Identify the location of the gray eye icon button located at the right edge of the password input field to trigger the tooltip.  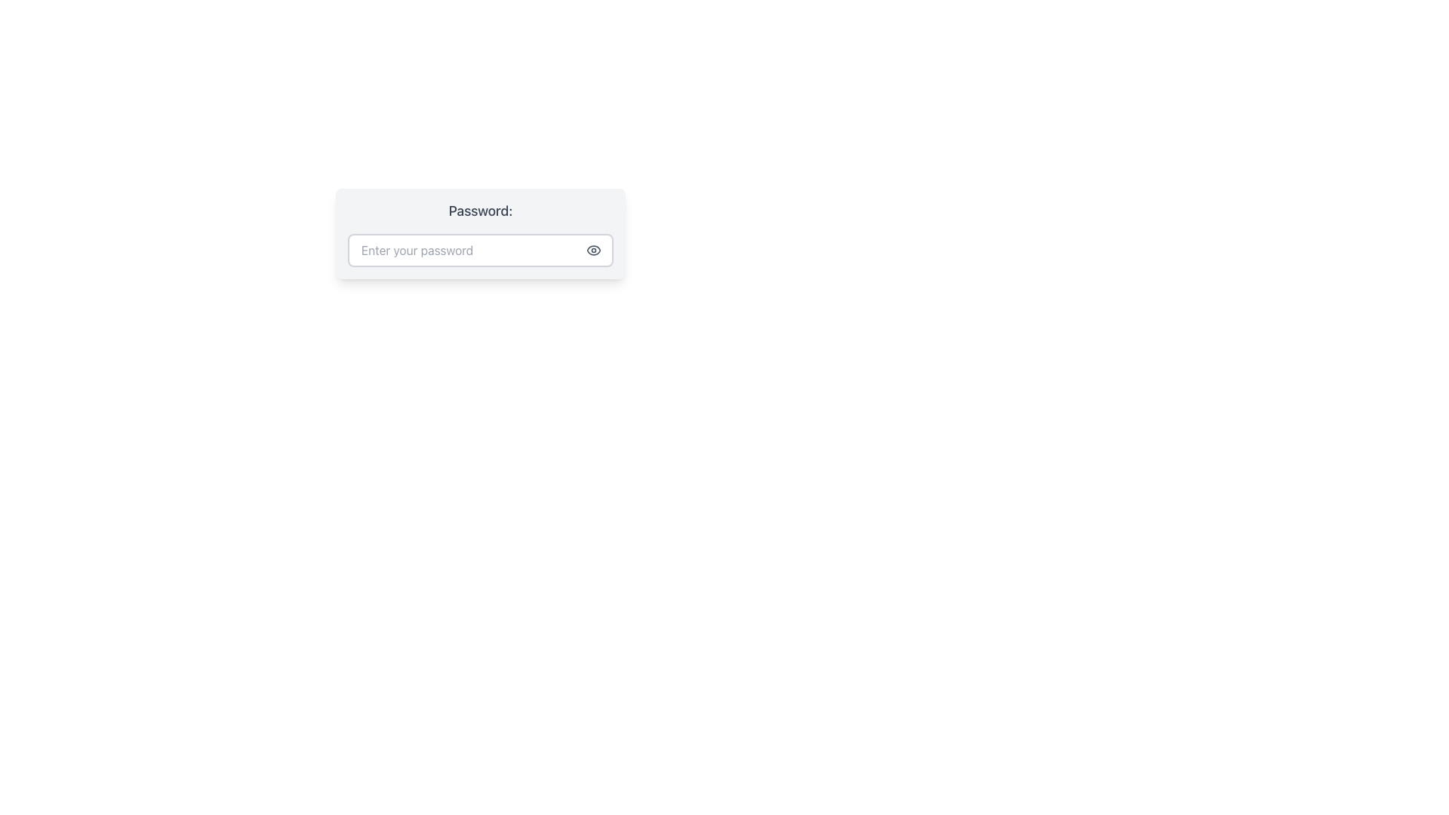
(593, 249).